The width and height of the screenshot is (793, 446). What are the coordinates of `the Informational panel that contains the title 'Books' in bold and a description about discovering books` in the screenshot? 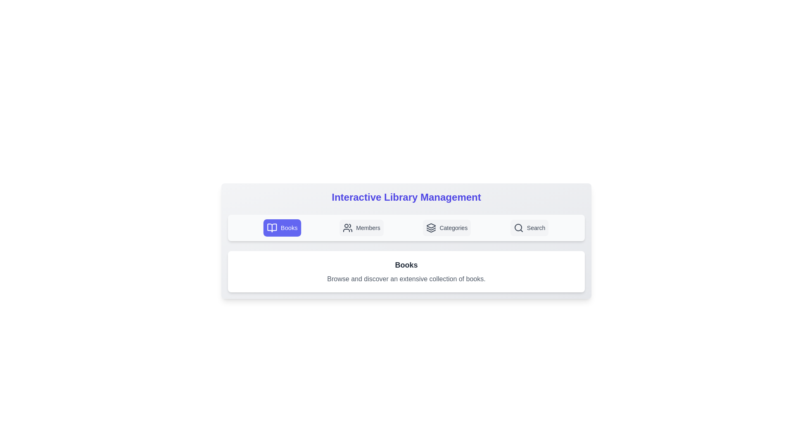 It's located at (406, 272).